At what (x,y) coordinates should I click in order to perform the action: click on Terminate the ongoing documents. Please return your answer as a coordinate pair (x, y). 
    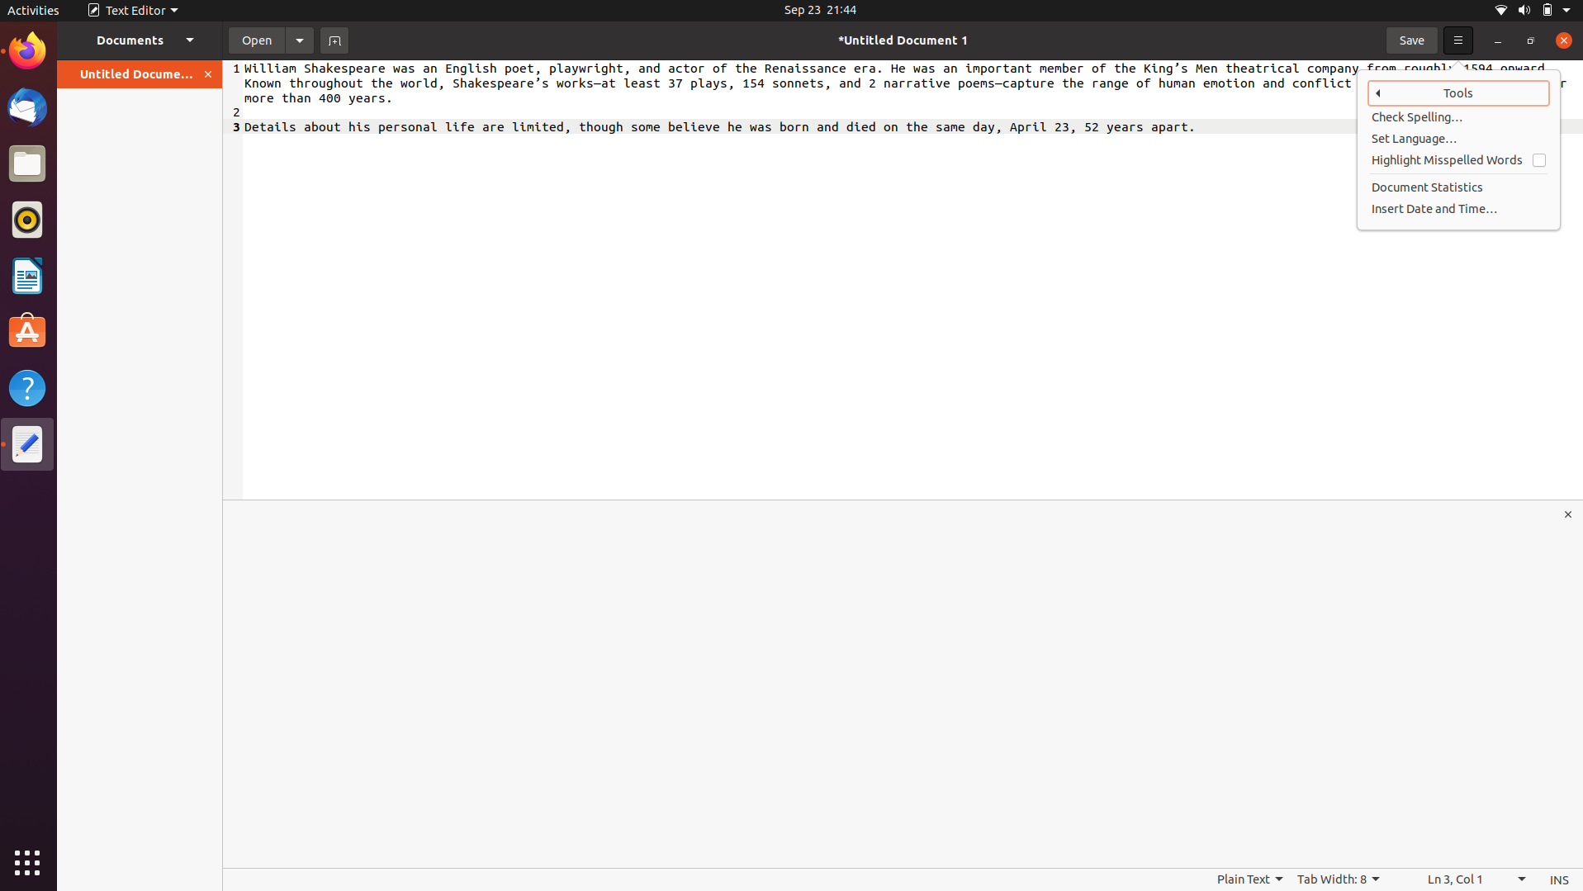
    Looking at the image, I should click on (208, 73).